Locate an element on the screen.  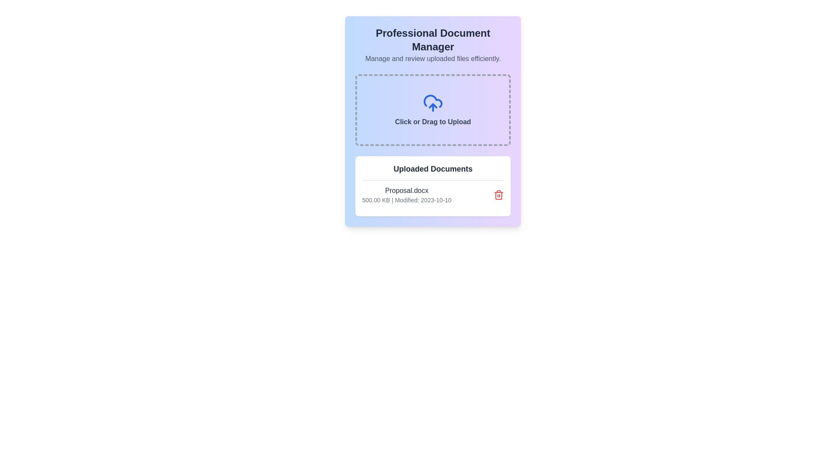
the text label that serves as a header for the uploaded documents section, which is centrally positioned above the document file listing 'Proposal.docx' is located at coordinates (433, 169).